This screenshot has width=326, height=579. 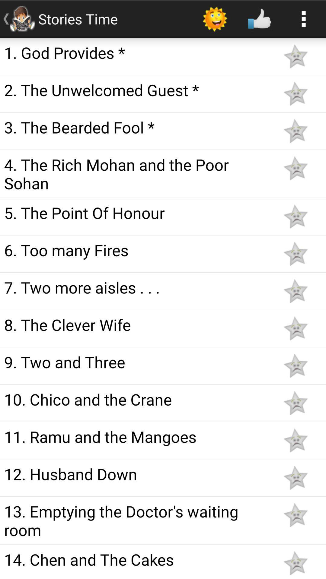 I want to click on like the article, so click(x=295, y=217).